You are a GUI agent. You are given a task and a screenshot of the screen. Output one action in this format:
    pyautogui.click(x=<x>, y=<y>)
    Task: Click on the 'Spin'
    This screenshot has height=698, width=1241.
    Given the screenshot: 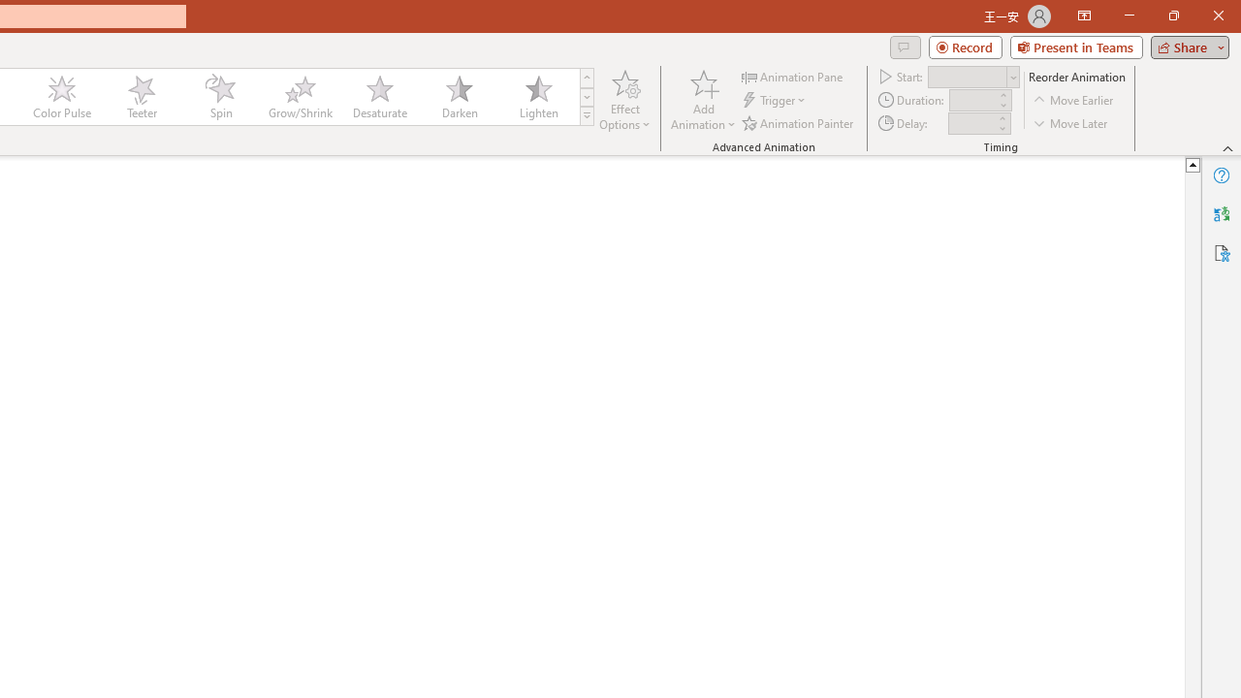 What is the action you would take?
    pyautogui.click(x=220, y=97)
    